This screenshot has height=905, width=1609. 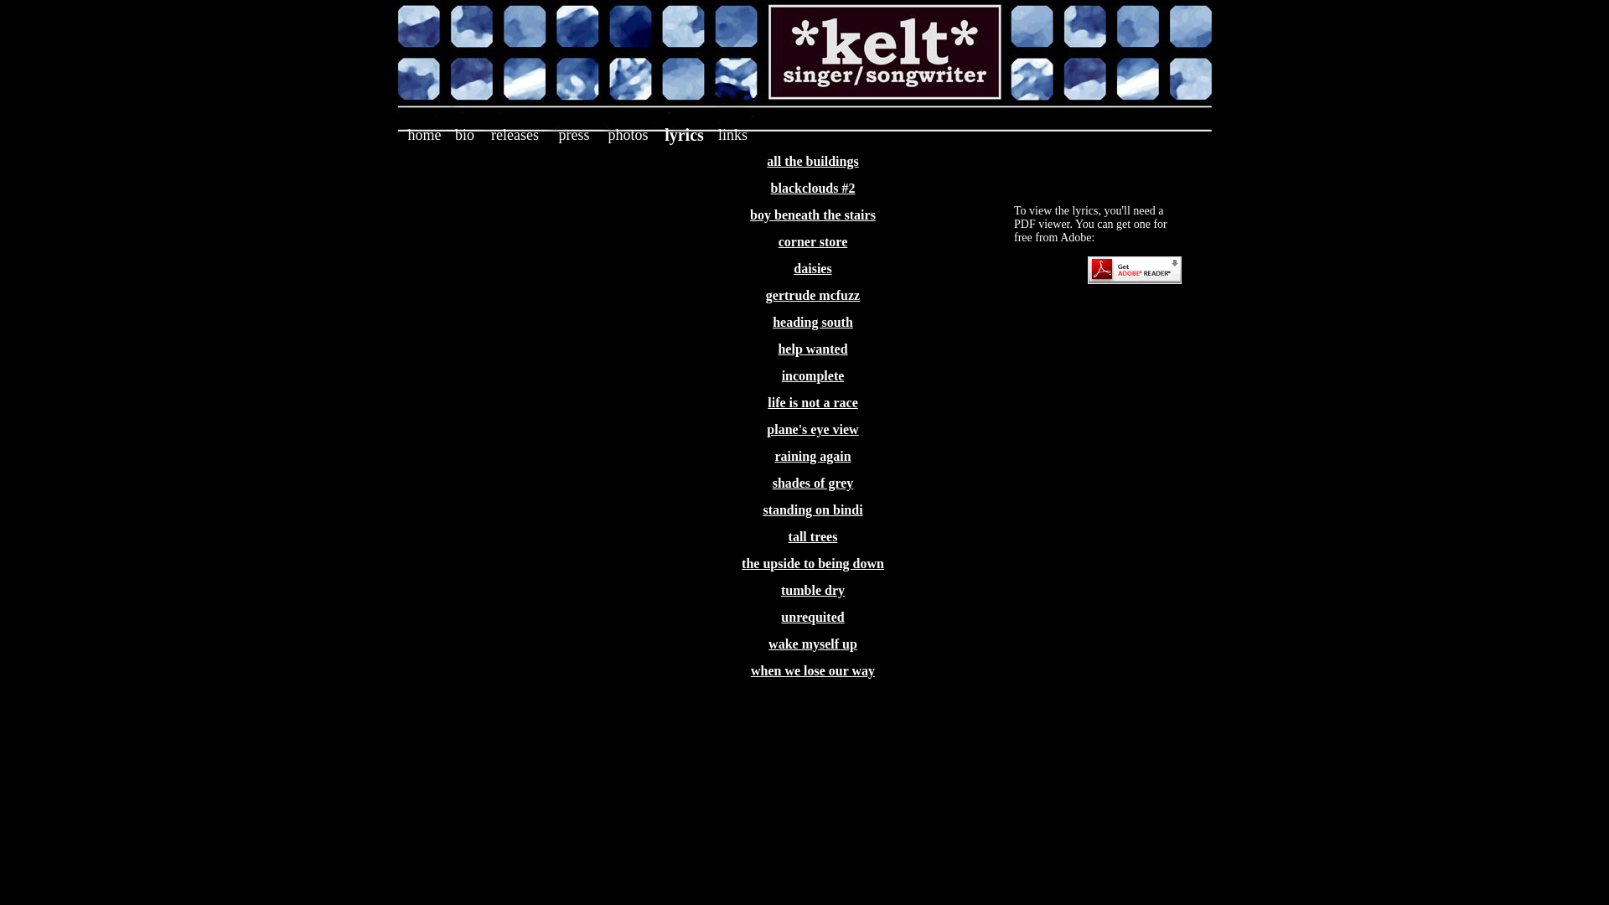 I want to click on 'tumble dry', so click(x=812, y=589).